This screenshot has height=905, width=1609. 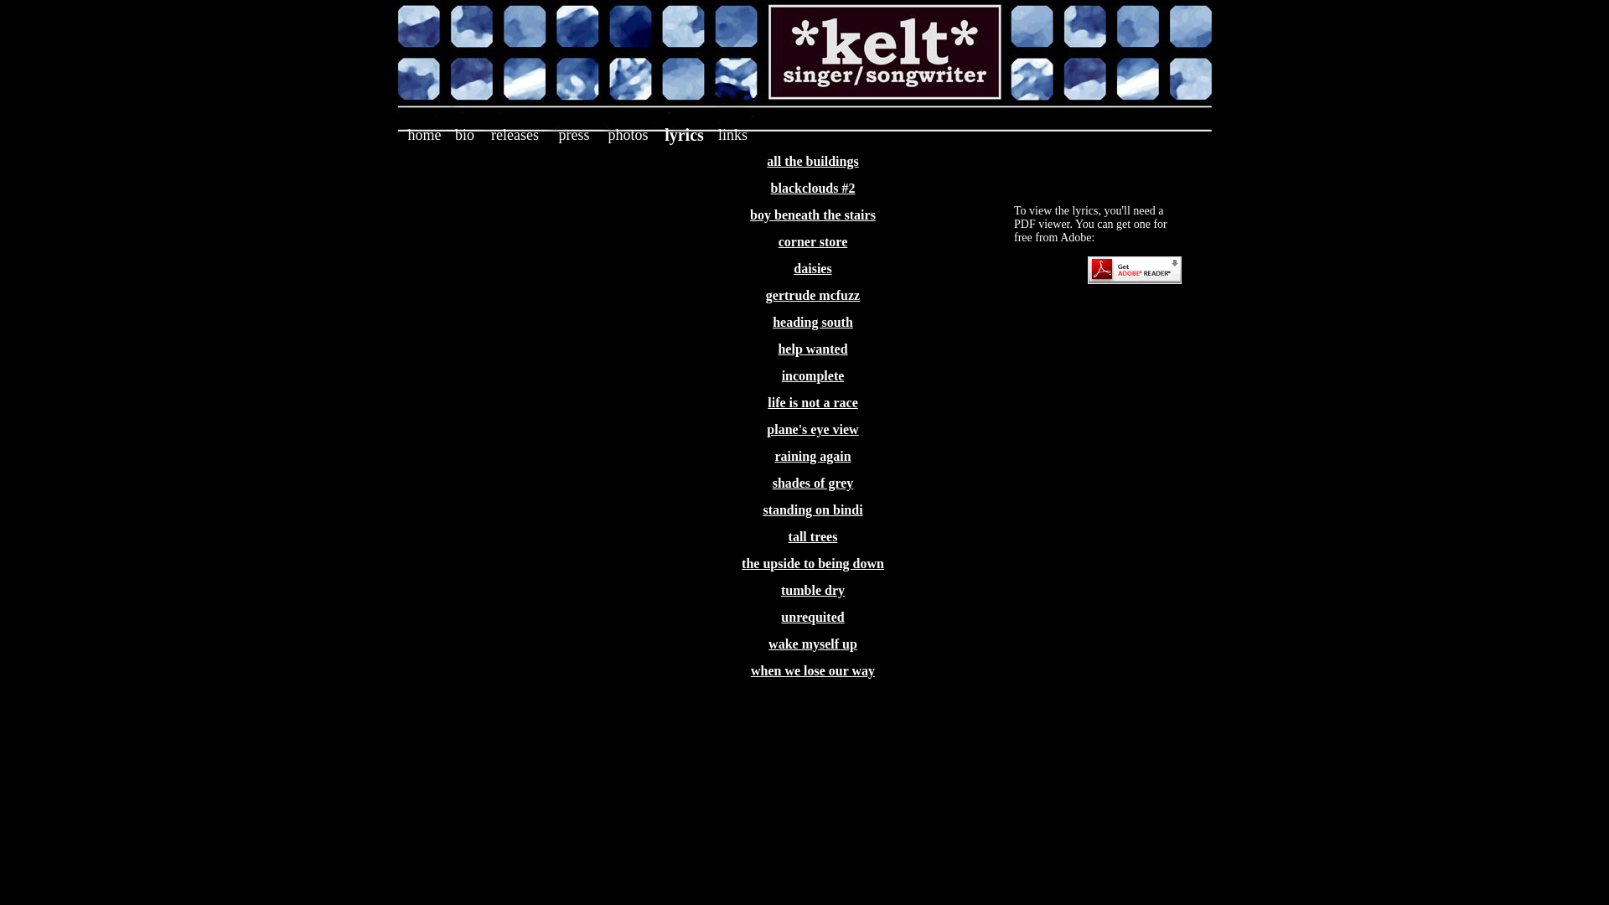 I want to click on 'tumble dry', so click(x=812, y=589).